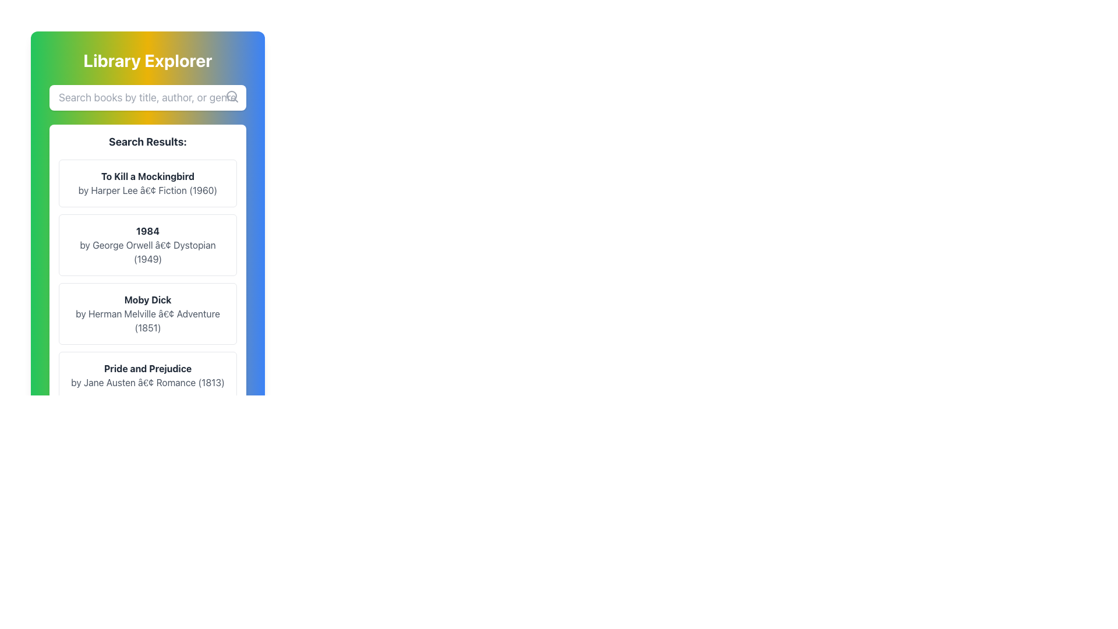  Describe the element at coordinates (147, 382) in the screenshot. I see `the informational text element that provides metadata about the book 'Pride and Prejudice', including author Jane Austen, genre Romance, and publication year 1813` at that location.